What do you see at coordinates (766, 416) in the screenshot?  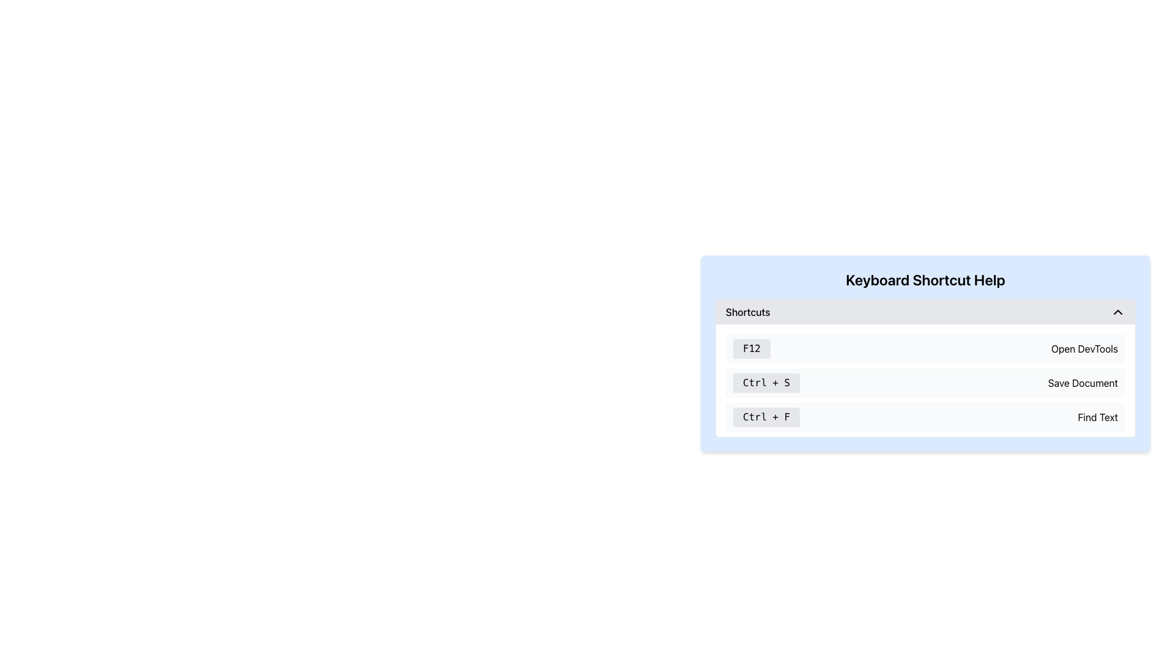 I see `the 'Ctrl + F' button, which is a rectangular button with a light gray background and black text, located under 'Keyboard Shortcut Help.'` at bounding box center [766, 416].